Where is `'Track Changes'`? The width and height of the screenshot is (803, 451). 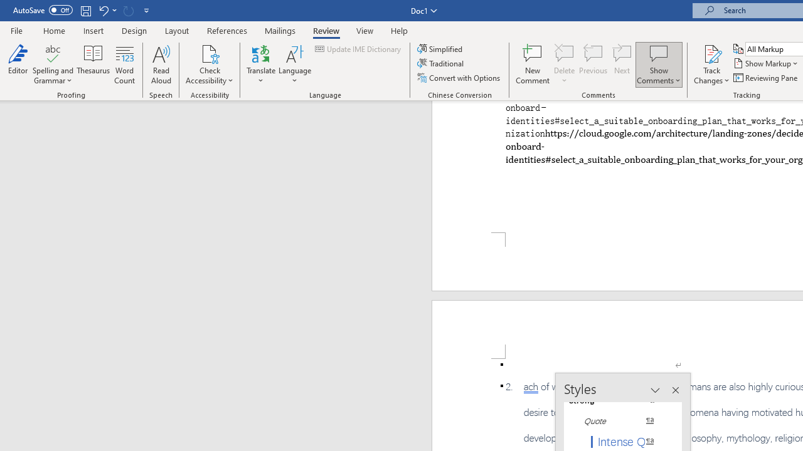
'Track Changes' is located at coordinates (711, 65).